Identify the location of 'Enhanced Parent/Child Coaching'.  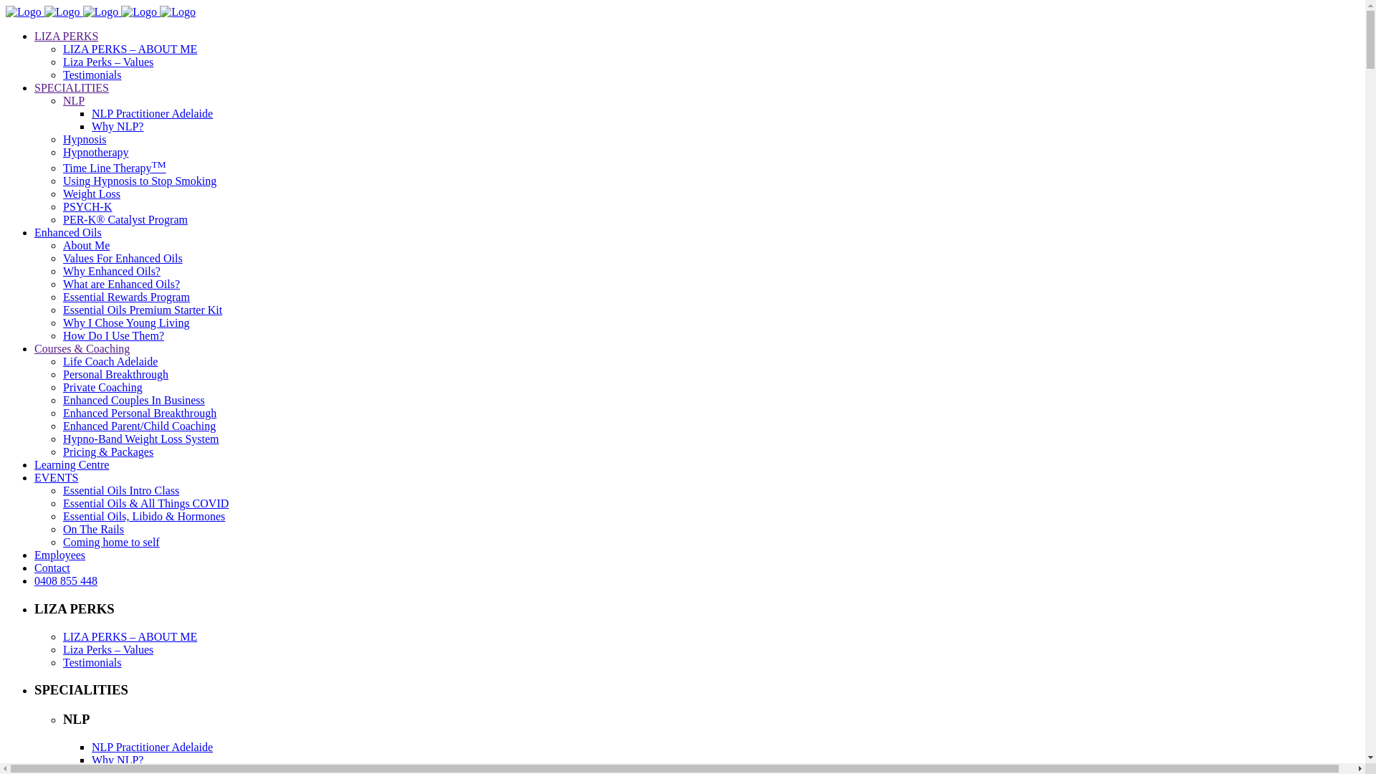
(139, 425).